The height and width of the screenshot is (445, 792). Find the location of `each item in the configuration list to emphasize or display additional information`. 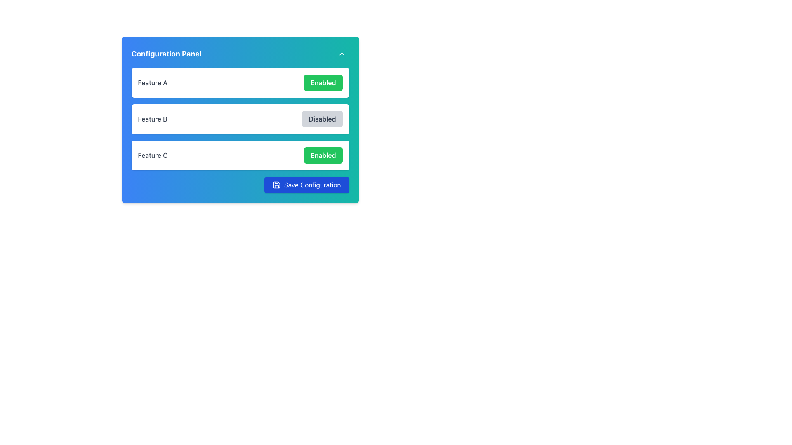

each item in the configuration list to emphasize or display additional information is located at coordinates (240, 119).